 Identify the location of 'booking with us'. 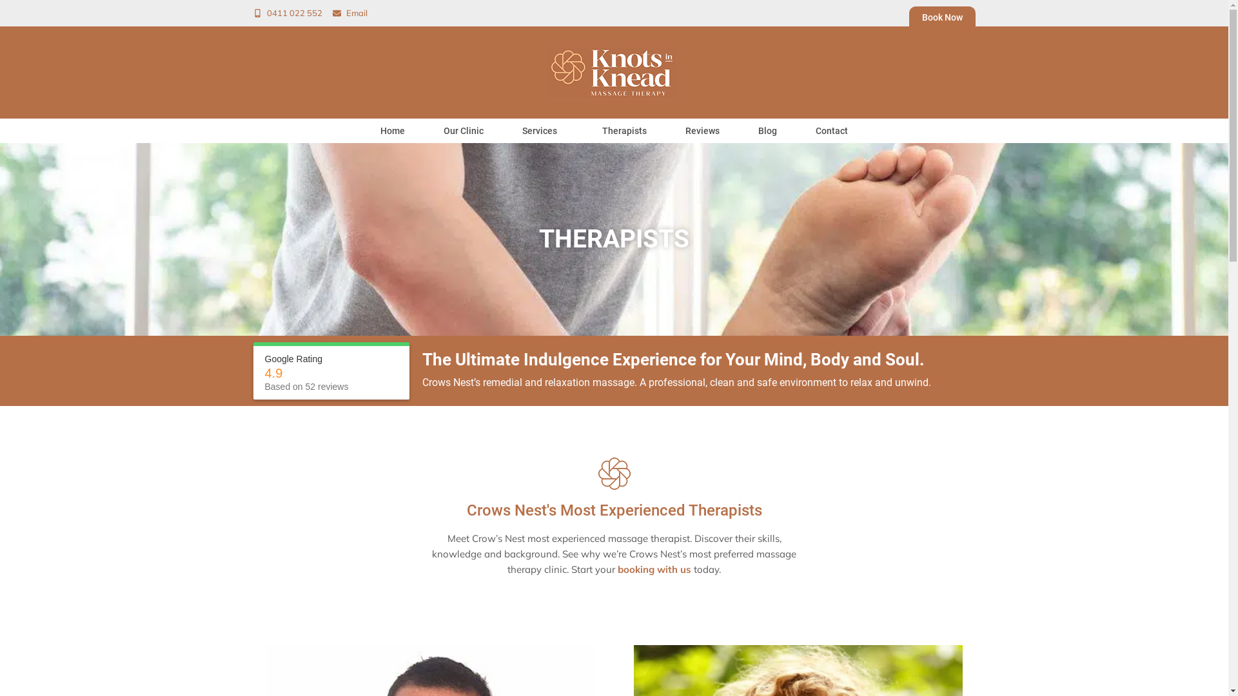
(654, 568).